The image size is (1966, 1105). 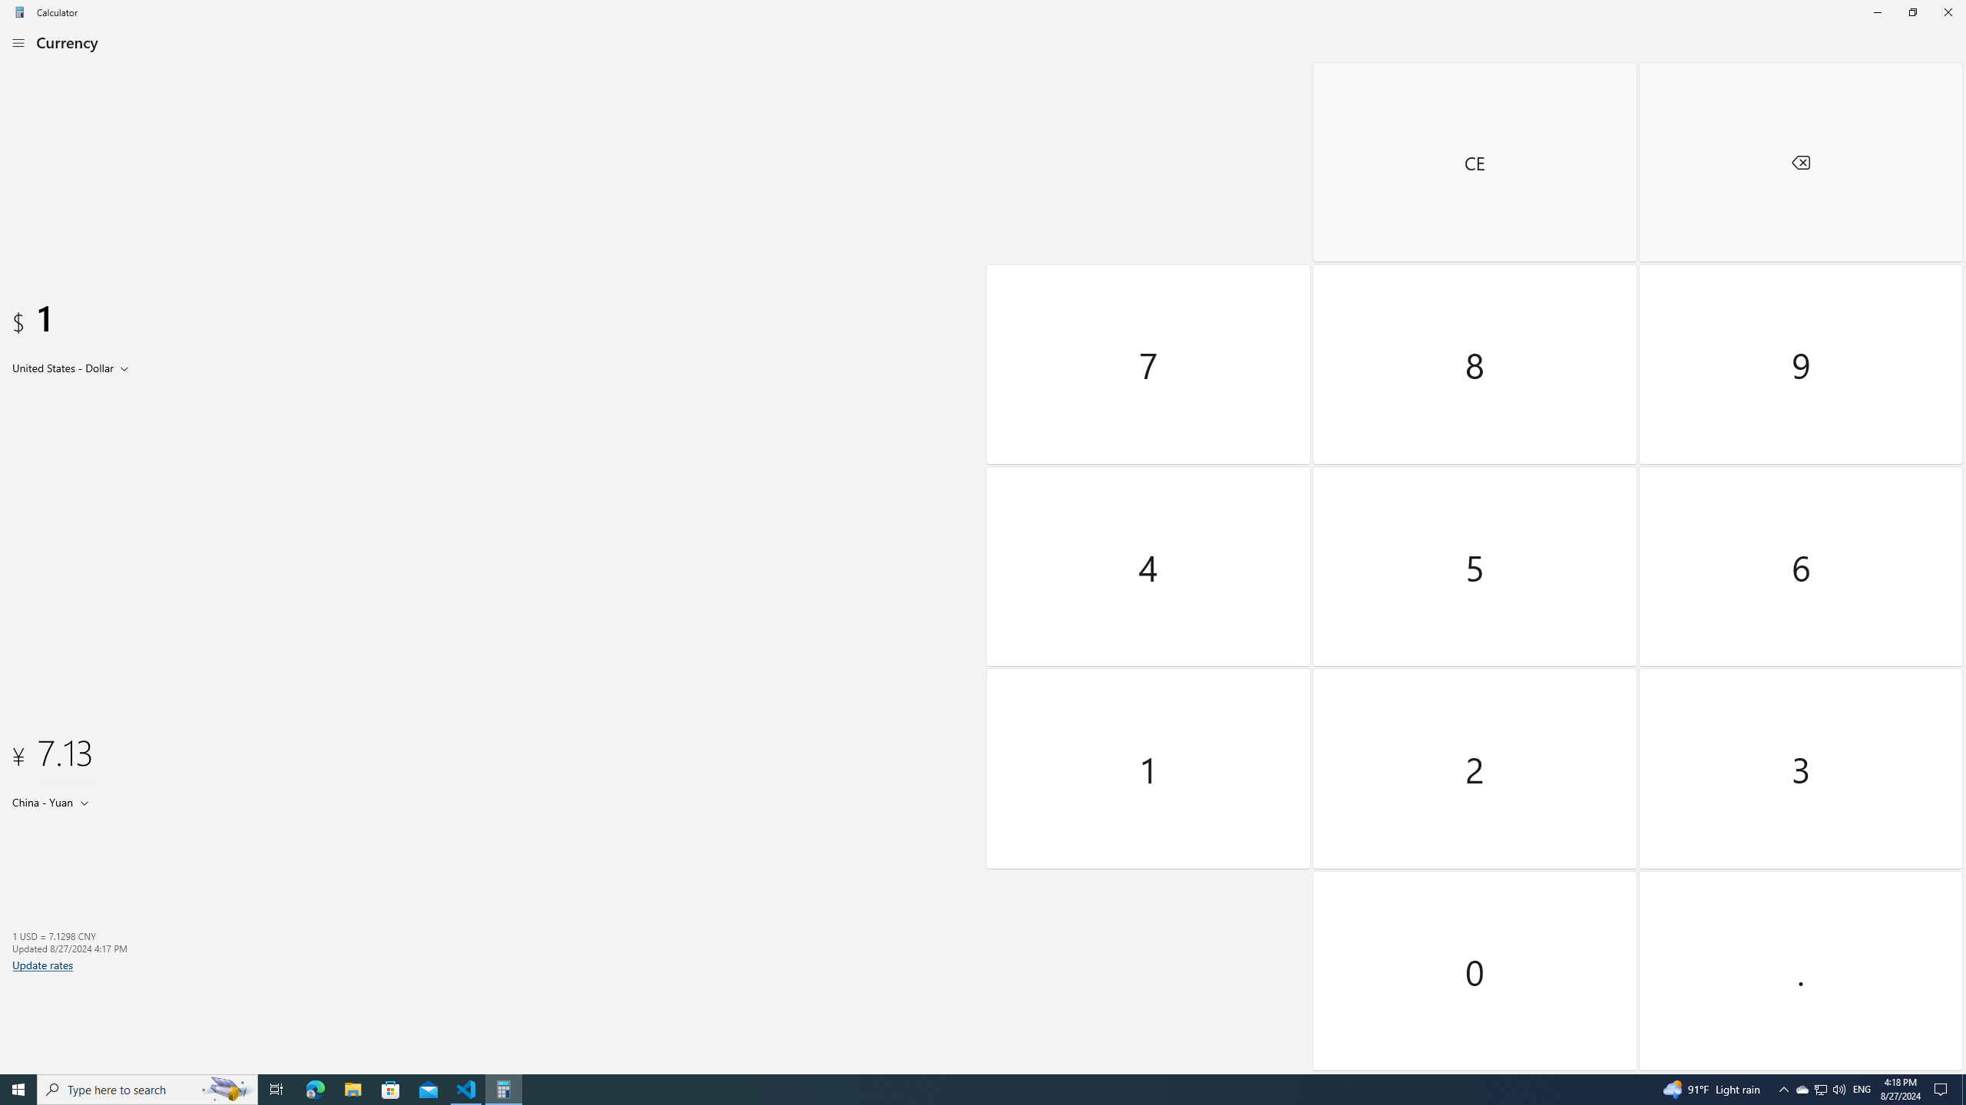 What do you see at coordinates (18, 41) in the screenshot?
I see `'Open Navigation'` at bounding box center [18, 41].